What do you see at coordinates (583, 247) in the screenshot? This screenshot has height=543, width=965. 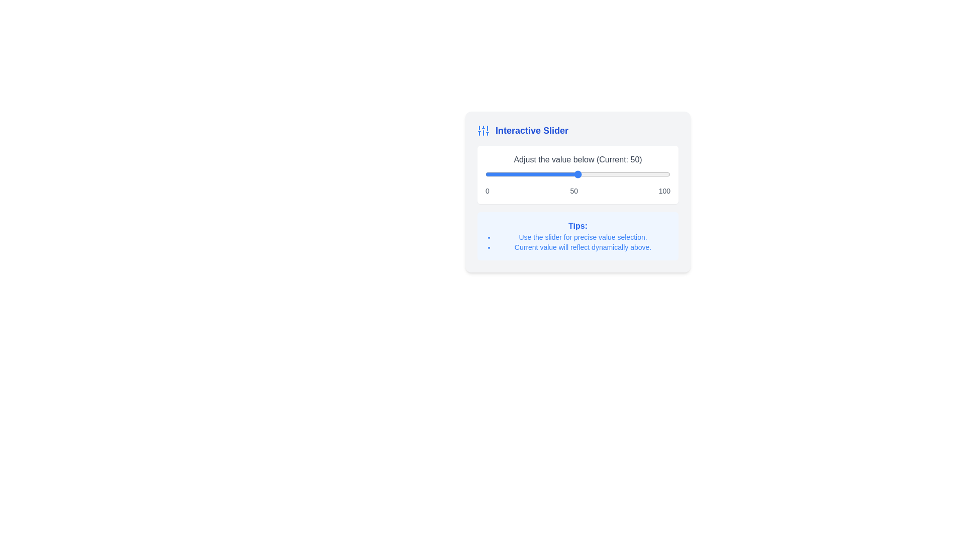 I see `the informational content of the static text reading 'Current value will reflect dynamically above.' which is the second item in the bullet point list under the section titled 'Tips'` at bounding box center [583, 247].